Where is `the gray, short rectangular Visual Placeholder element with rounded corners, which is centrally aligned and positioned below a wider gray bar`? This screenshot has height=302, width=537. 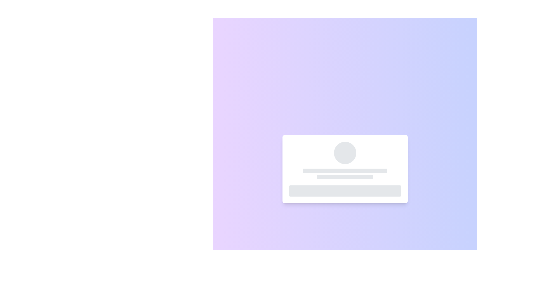 the gray, short rectangular Visual Placeholder element with rounded corners, which is centrally aligned and positioned below a wider gray bar is located at coordinates (345, 177).